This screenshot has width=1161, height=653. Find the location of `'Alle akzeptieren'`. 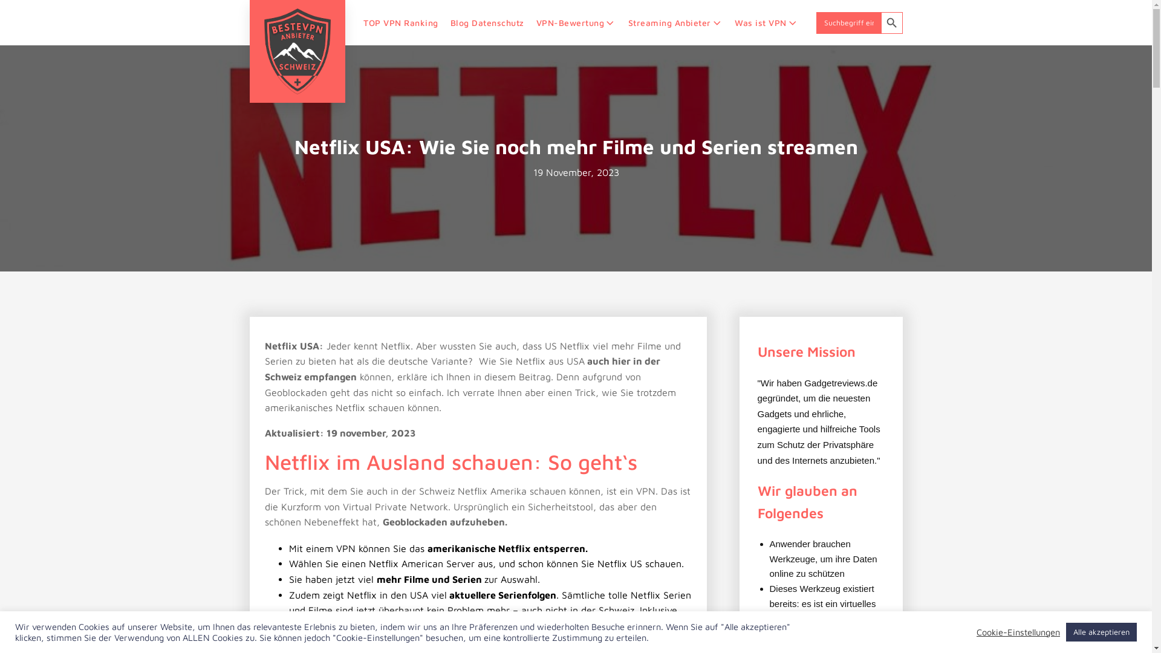

'Alle akzeptieren' is located at coordinates (1101, 631).